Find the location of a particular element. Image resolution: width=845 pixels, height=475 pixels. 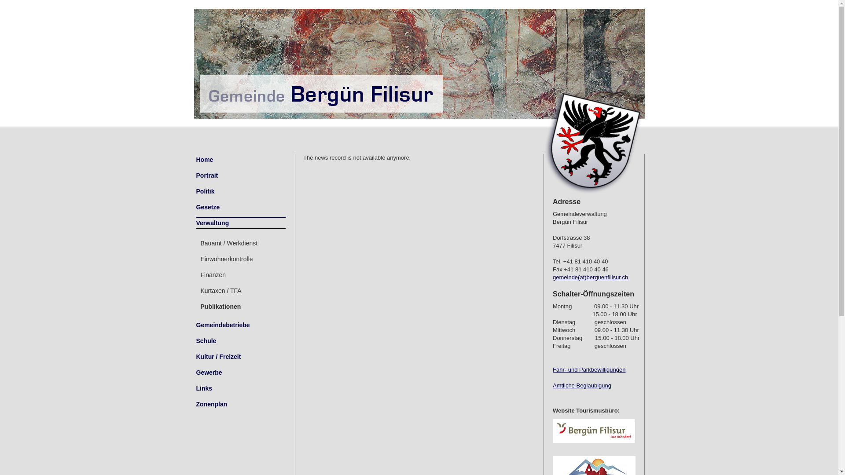

'Home' is located at coordinates (241, 159).